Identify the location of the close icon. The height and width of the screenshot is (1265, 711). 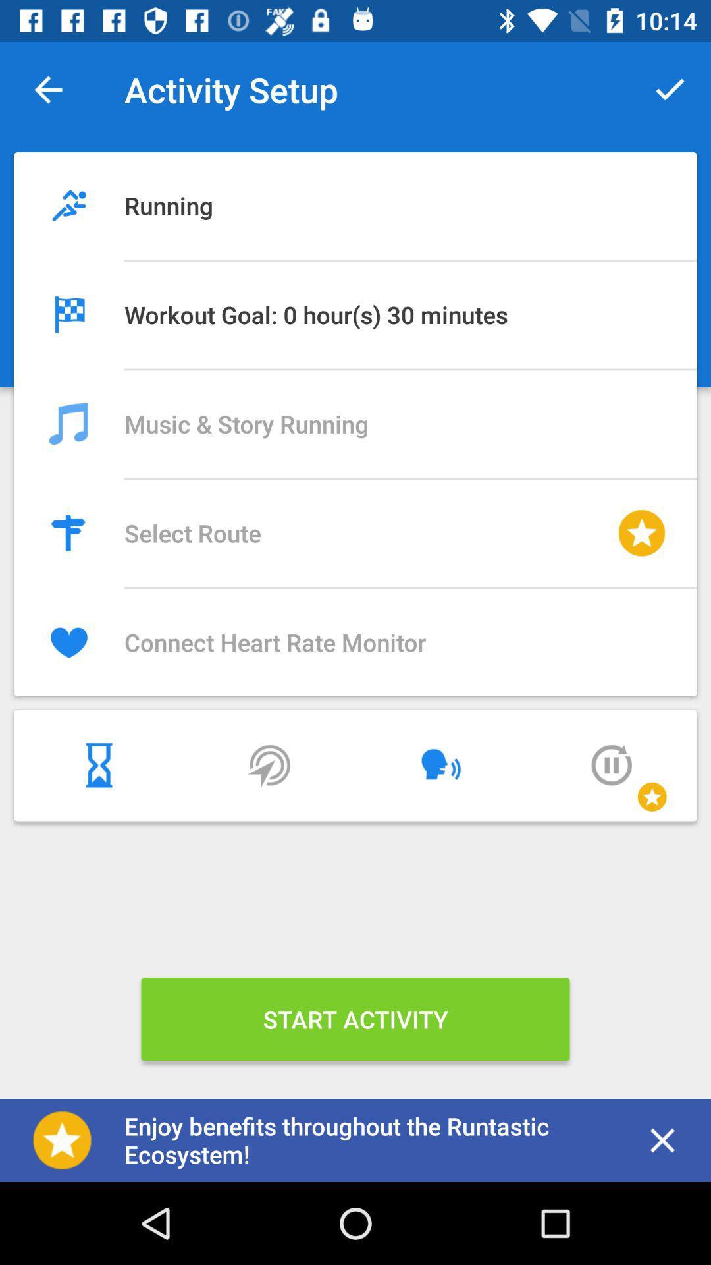
(662, 1140).